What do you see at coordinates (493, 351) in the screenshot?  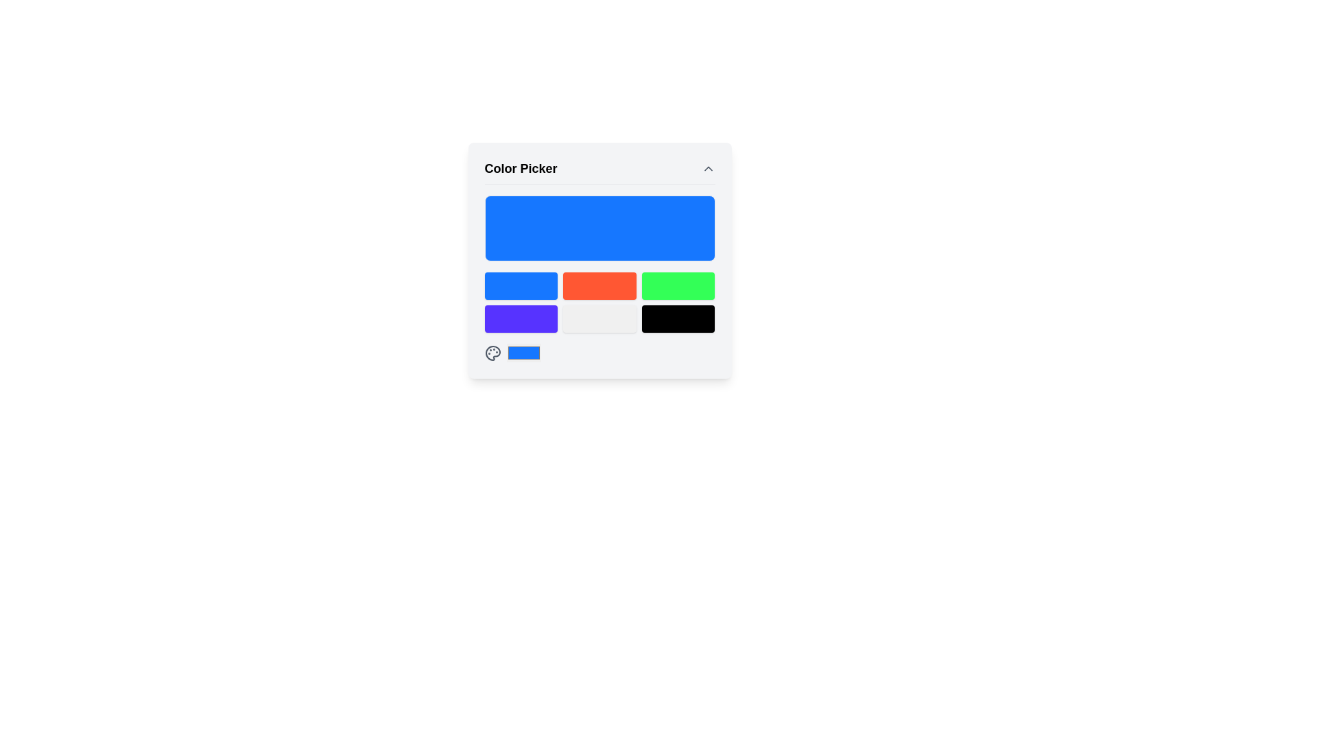 I see `the distinctive palette icon located in the bottom left corner of the color picker interface` at bounding box center [493, 351].